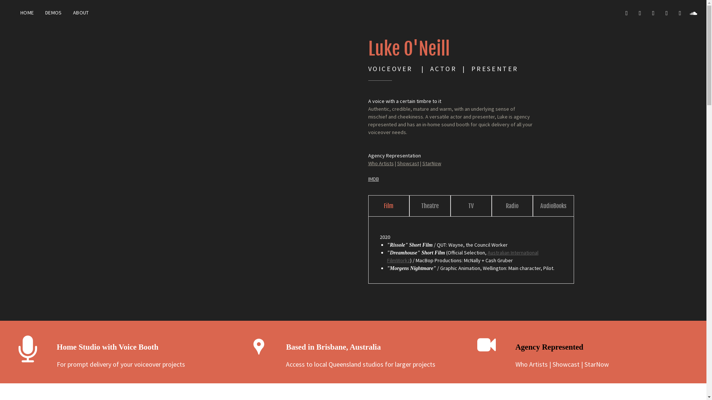 This screenshot has height=400, width=712. Describe the element at coordinates (14, 13) in the screenshot. I see `'HOME'` at that location.